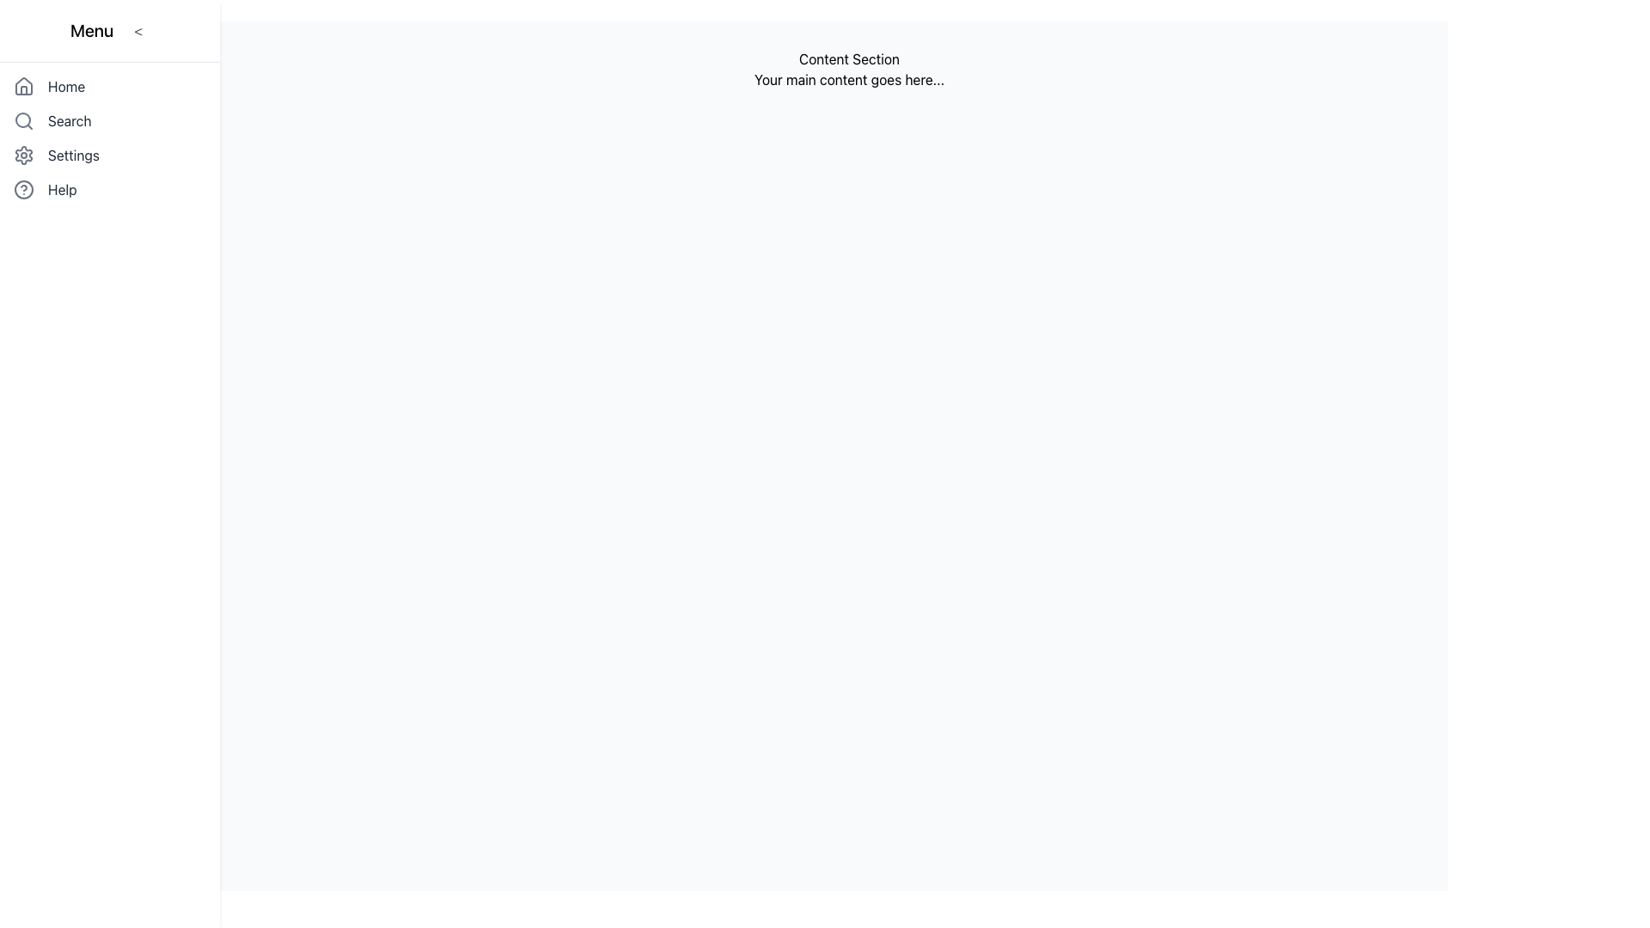 The height and width of the screenshot is (928, 1650). What do you see at coordinates (69, 120) in the screenshot?
I see `the 'Search' label in the left navigation panel, which displays the word 'Search' in bold black color and is positioned between 'Home' and 'Settings'` at bounding box center [69, 120].